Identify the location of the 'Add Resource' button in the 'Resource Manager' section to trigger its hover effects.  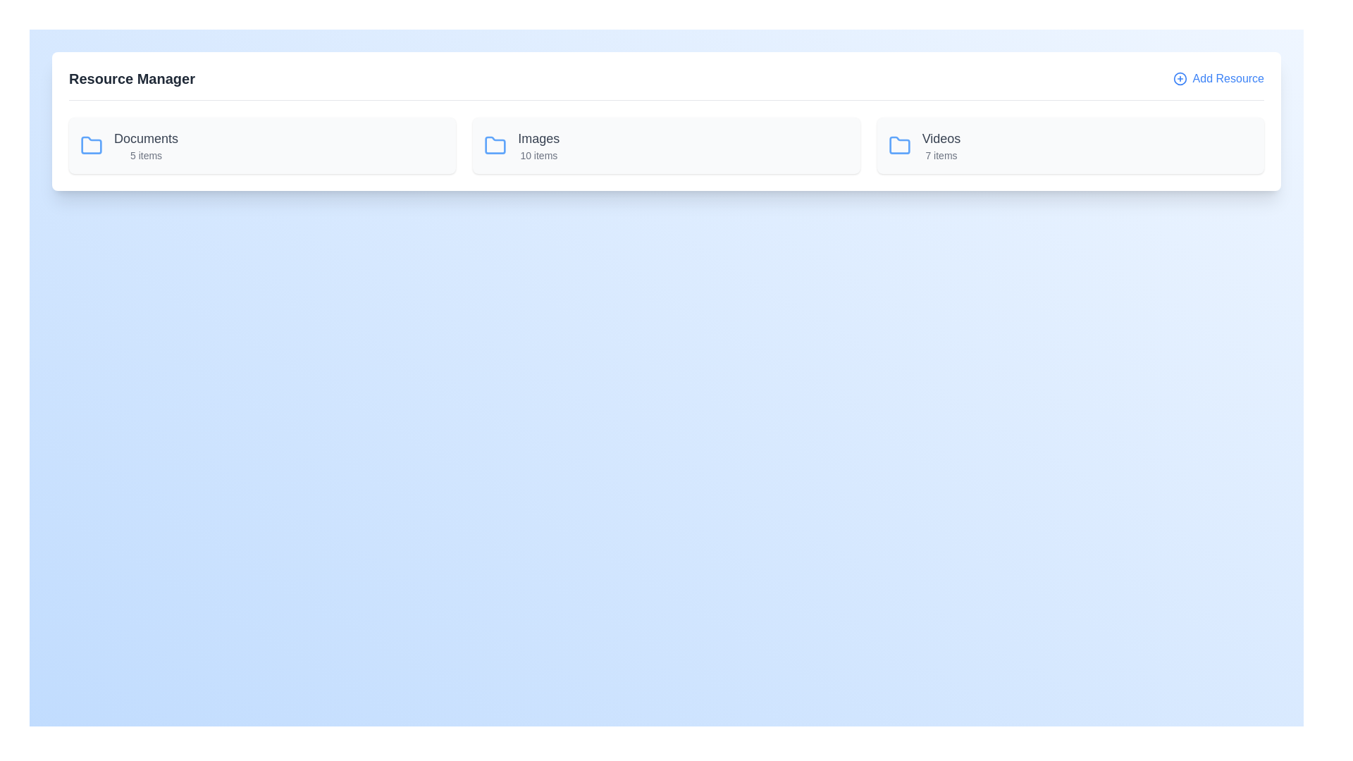
(1218, 78).